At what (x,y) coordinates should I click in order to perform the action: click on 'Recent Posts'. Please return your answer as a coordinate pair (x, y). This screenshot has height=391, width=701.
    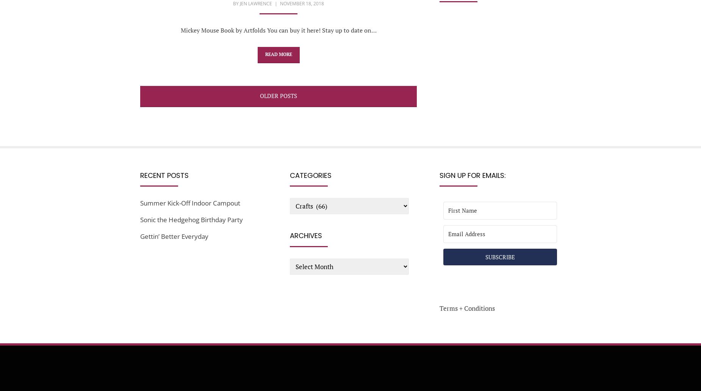
    Looking at the image, I should click on (164, 175).